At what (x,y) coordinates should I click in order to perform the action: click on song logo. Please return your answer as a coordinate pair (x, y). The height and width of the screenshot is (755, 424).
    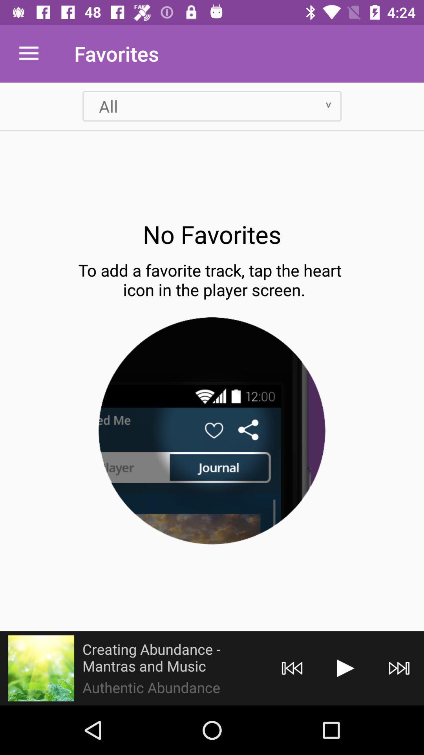
    Looking at the image, I should click on (41, 668).